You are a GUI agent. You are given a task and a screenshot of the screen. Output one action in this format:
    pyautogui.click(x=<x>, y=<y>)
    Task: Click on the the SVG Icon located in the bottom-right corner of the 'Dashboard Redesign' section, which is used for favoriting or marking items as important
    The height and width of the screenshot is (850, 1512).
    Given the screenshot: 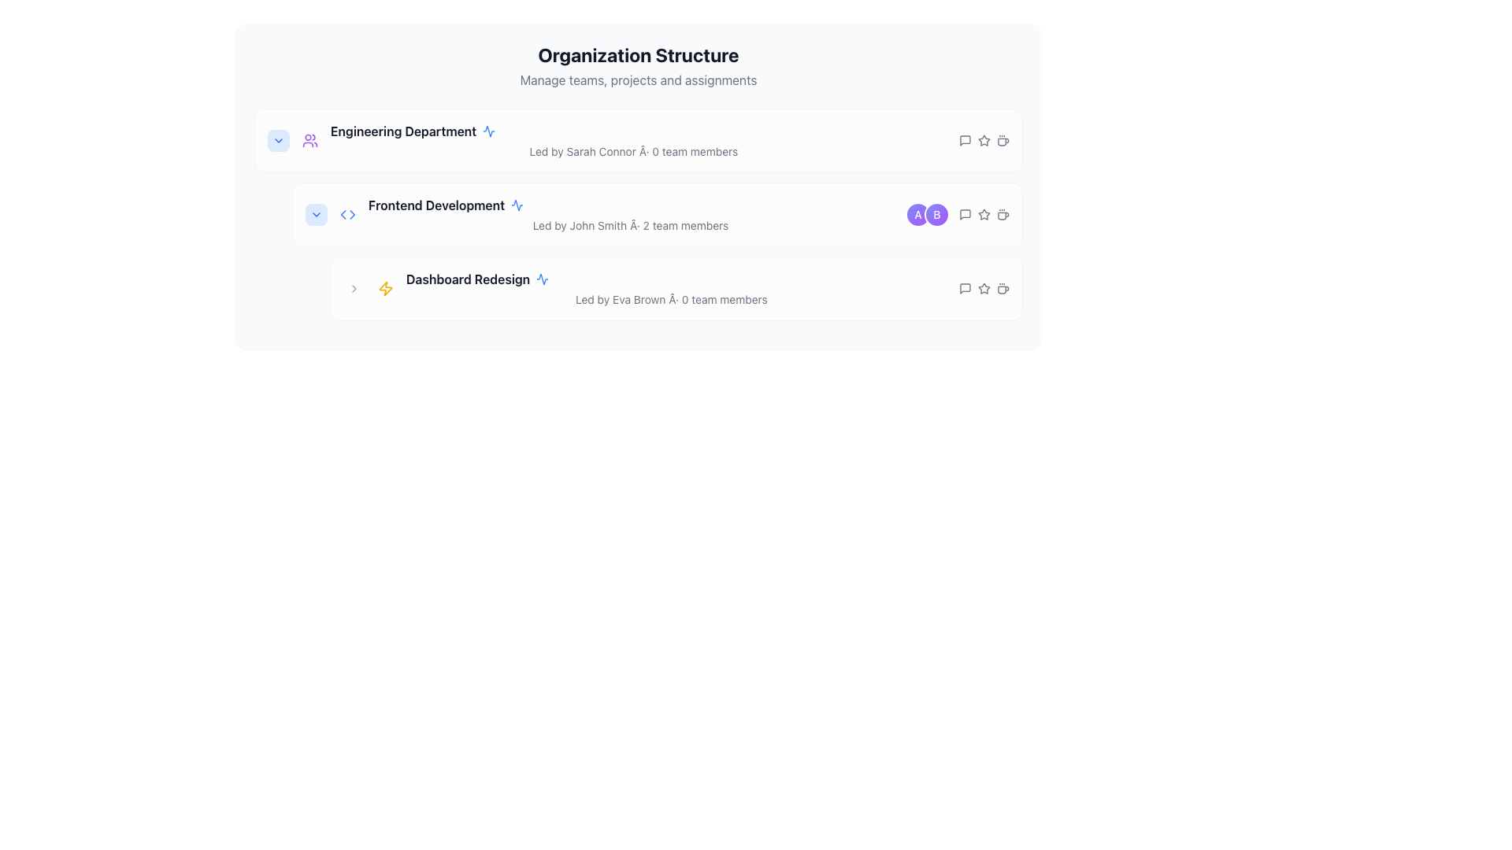 What is the action you would take?
    pyautogui.click(x=983, y=288)
    